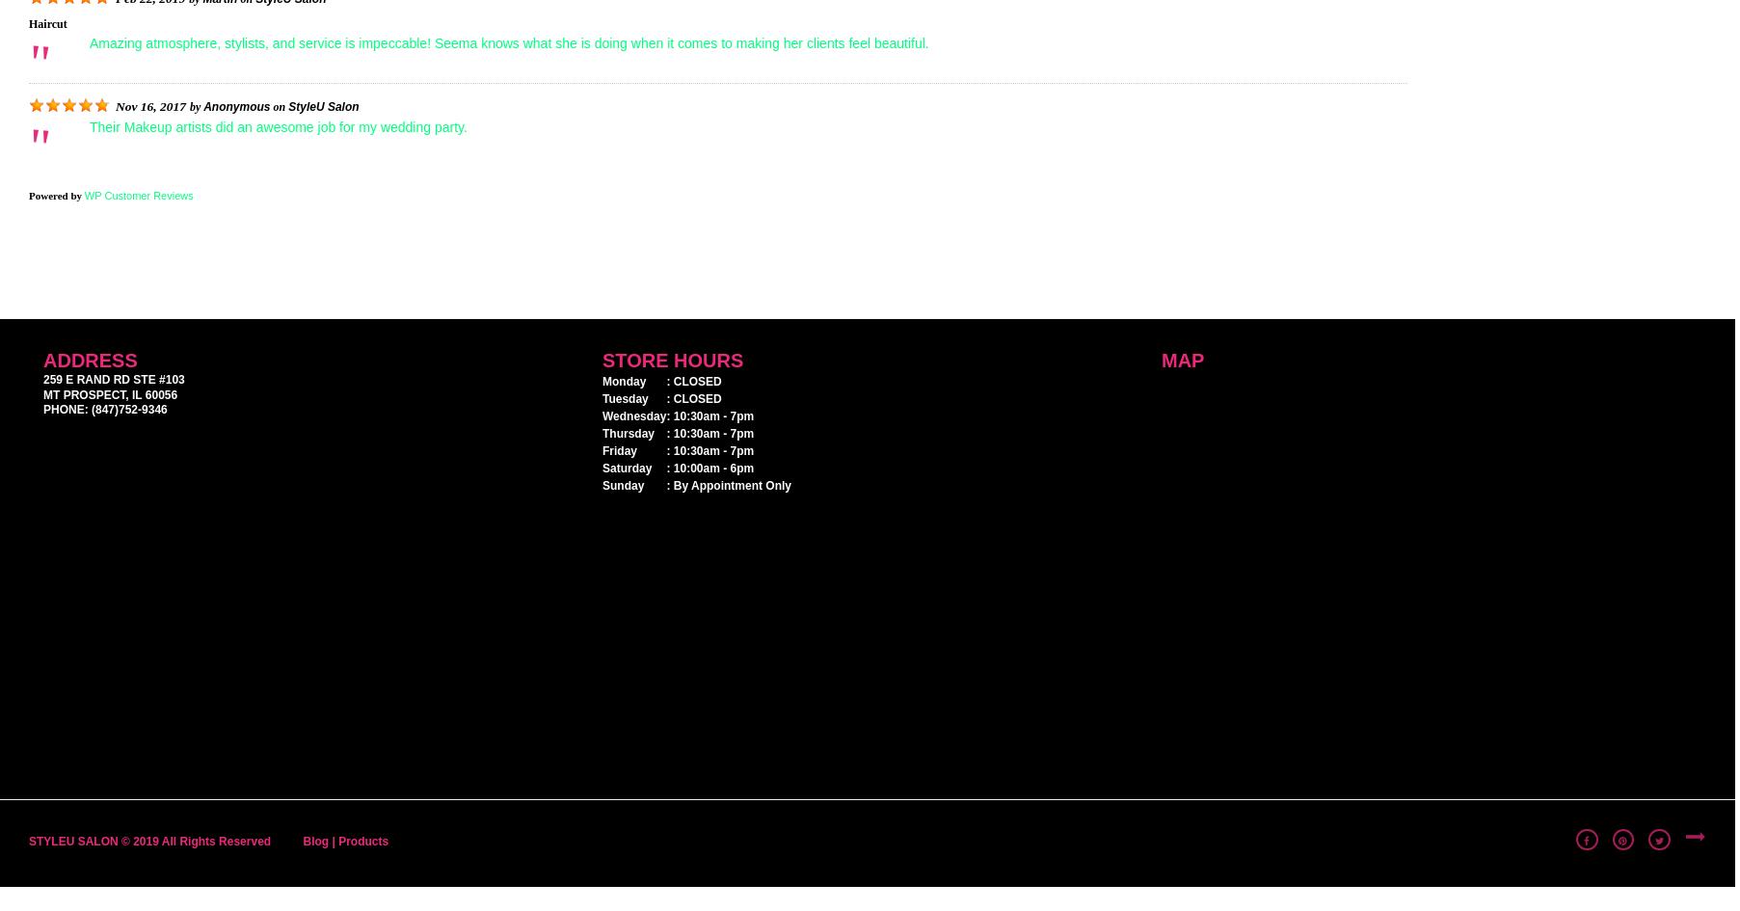  Describe the element at coordinates (188, 104) in the screenshot. I see `'by'` at that location.